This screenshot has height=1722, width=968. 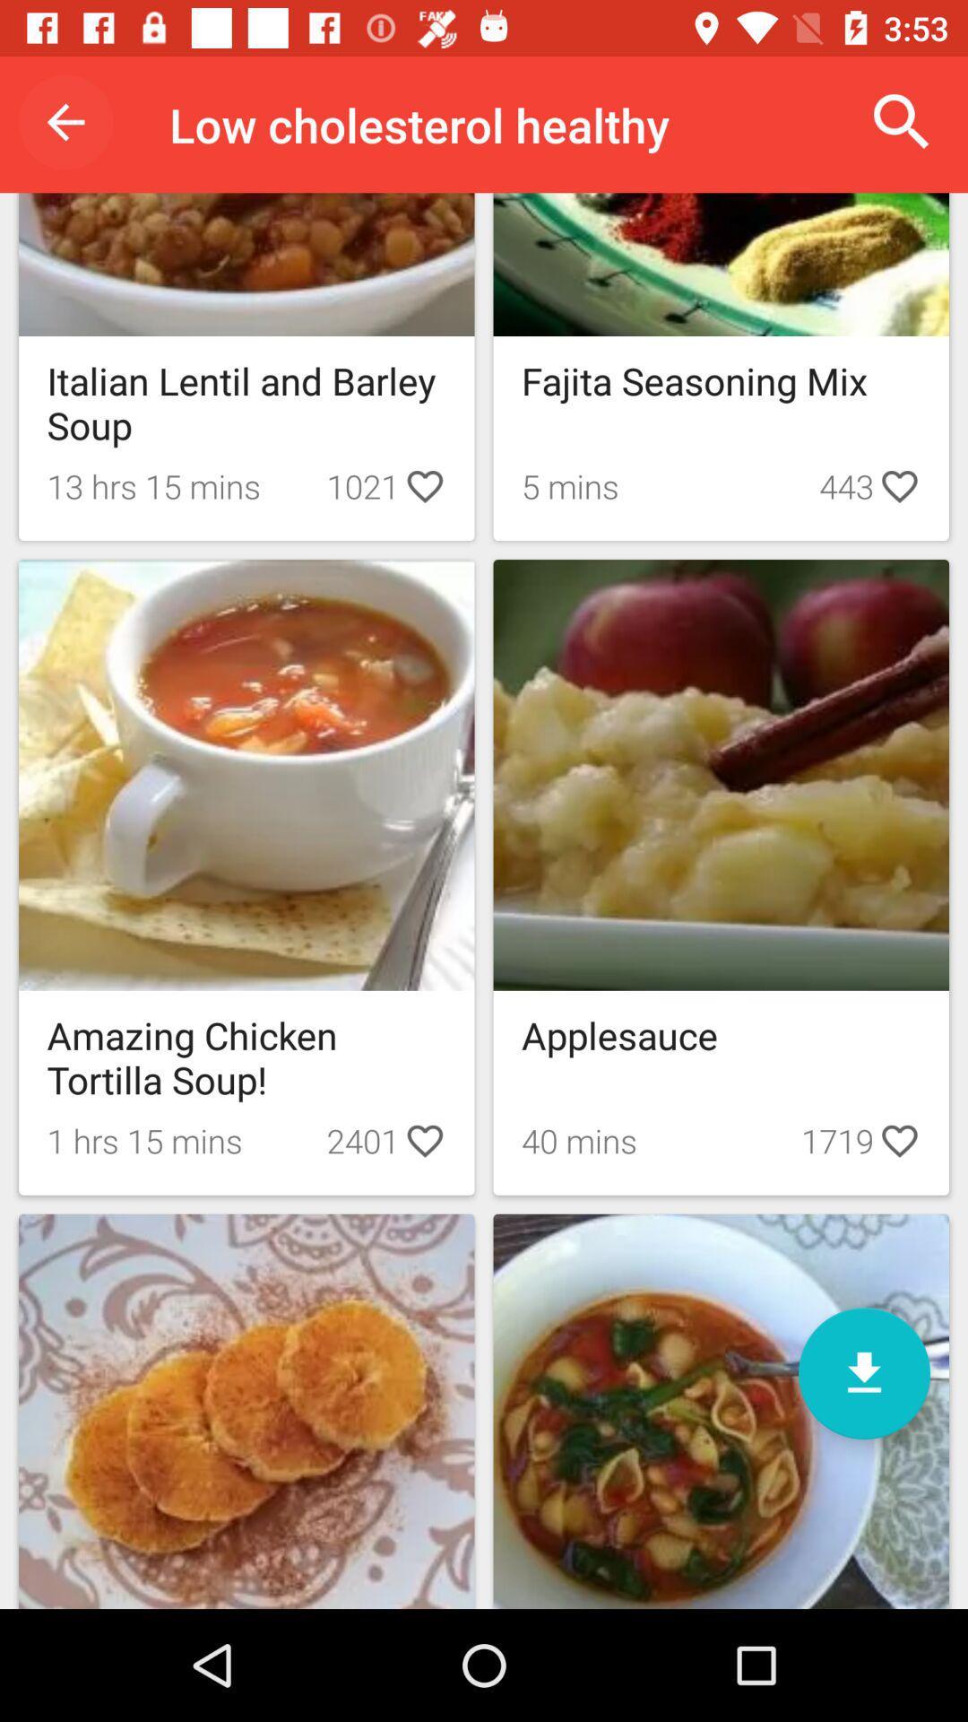 What do you see at coordinates (863, 1372) in the screenshot?
I see `the file_download icon` at bounding box center [863, 1372].